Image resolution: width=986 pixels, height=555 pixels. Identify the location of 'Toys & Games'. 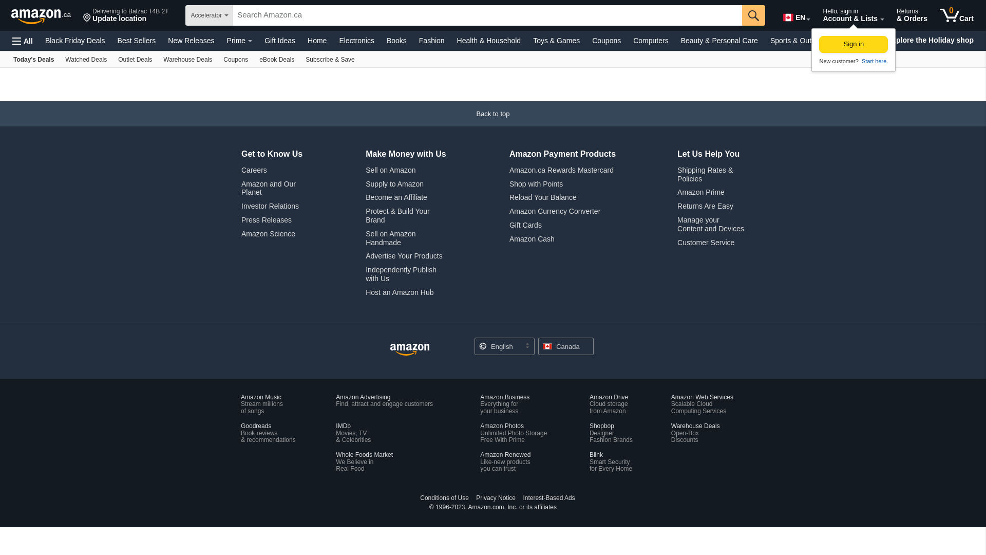
(556, 40).